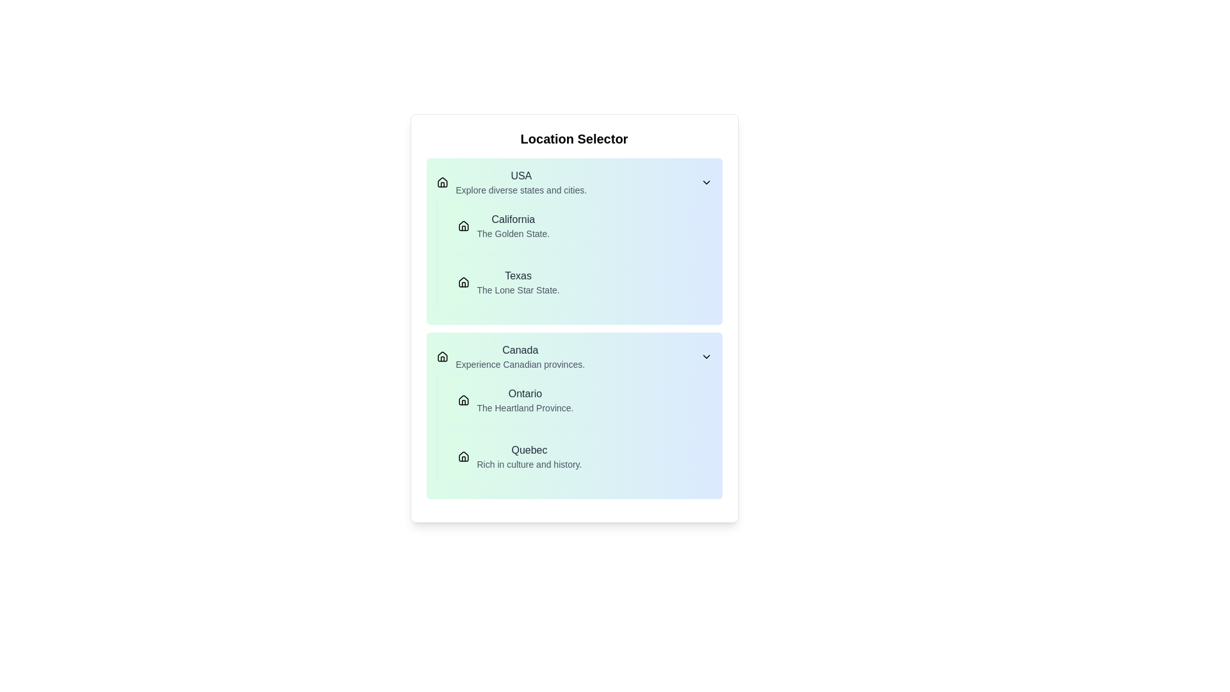 The image size is (1230, 692). Describe the element at coordinates (525, 399) in the screenshot. I see `the clickable option representing the province of Ontario in the dropdown menu under the 'Canada' category` at that location.